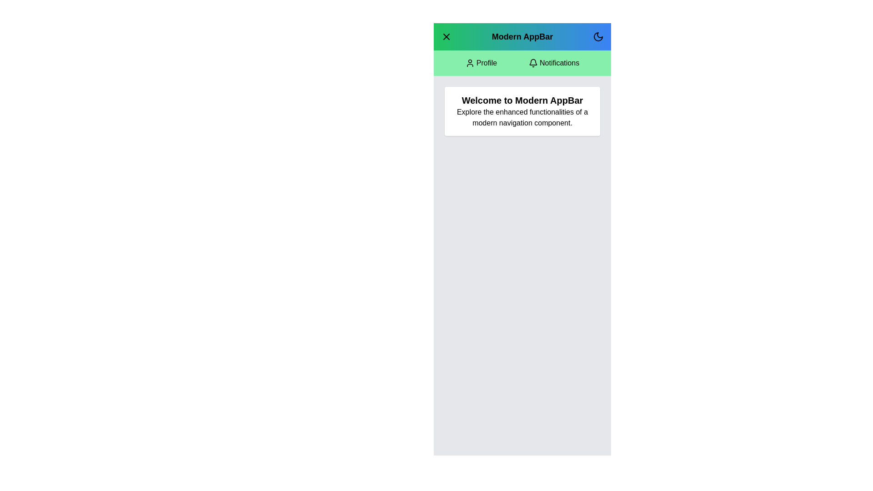 This screenshot has width=873, height=491. I want to click on the menu toggle button to toggle the menu visibility, so click(447, 36).